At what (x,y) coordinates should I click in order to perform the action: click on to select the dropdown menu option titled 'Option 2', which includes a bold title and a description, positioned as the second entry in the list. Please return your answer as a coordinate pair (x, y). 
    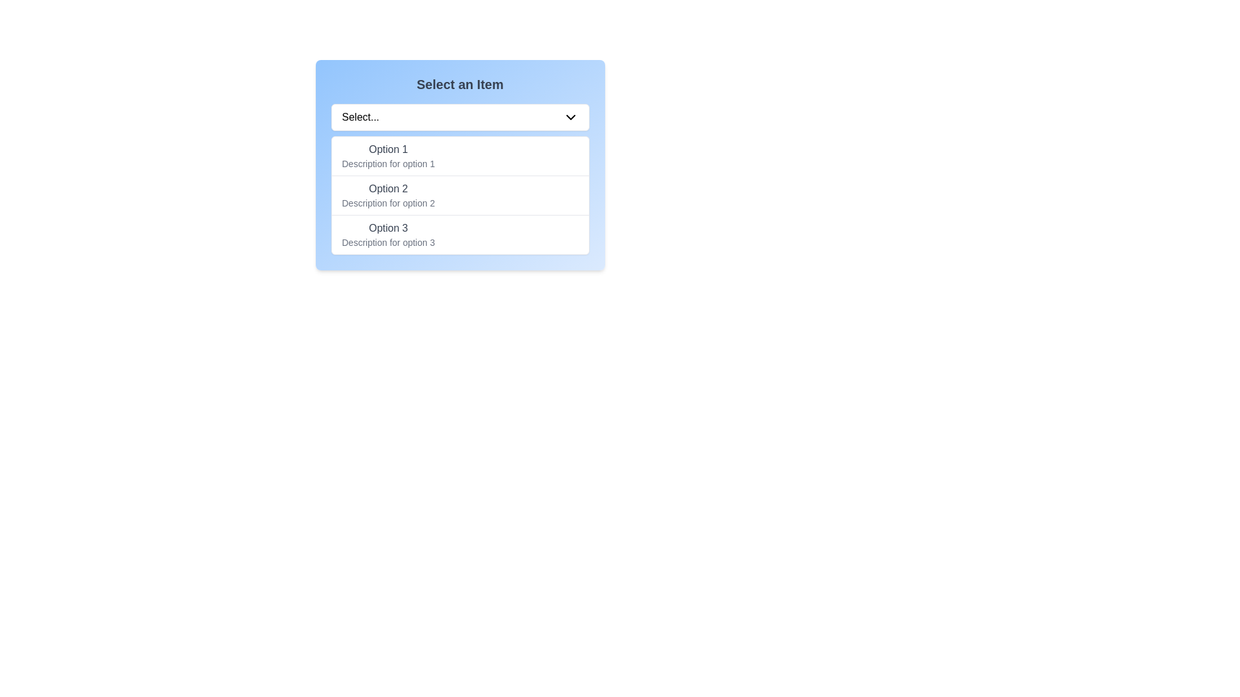
    Looking at the image, I should click on (387, 196).